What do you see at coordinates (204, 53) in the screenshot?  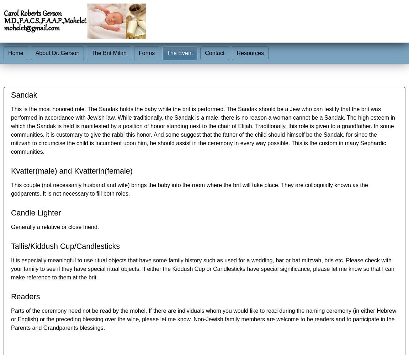 I see `'Contact'` at bounding box center [204, 53].